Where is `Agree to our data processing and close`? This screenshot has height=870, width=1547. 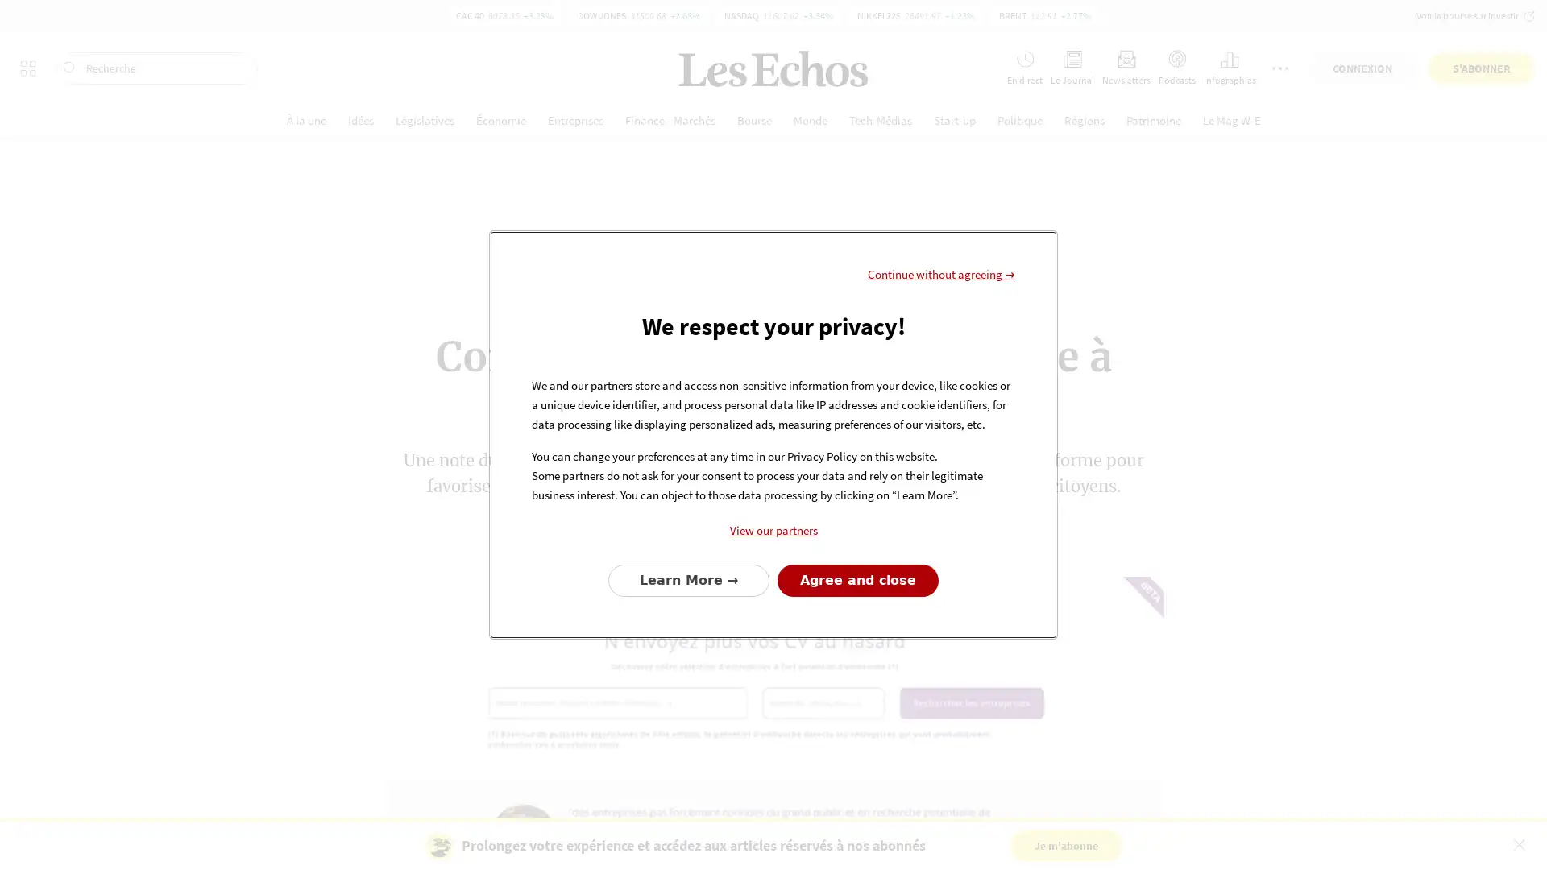
Agree to our data processing and close is located at coordinates (857, 580).